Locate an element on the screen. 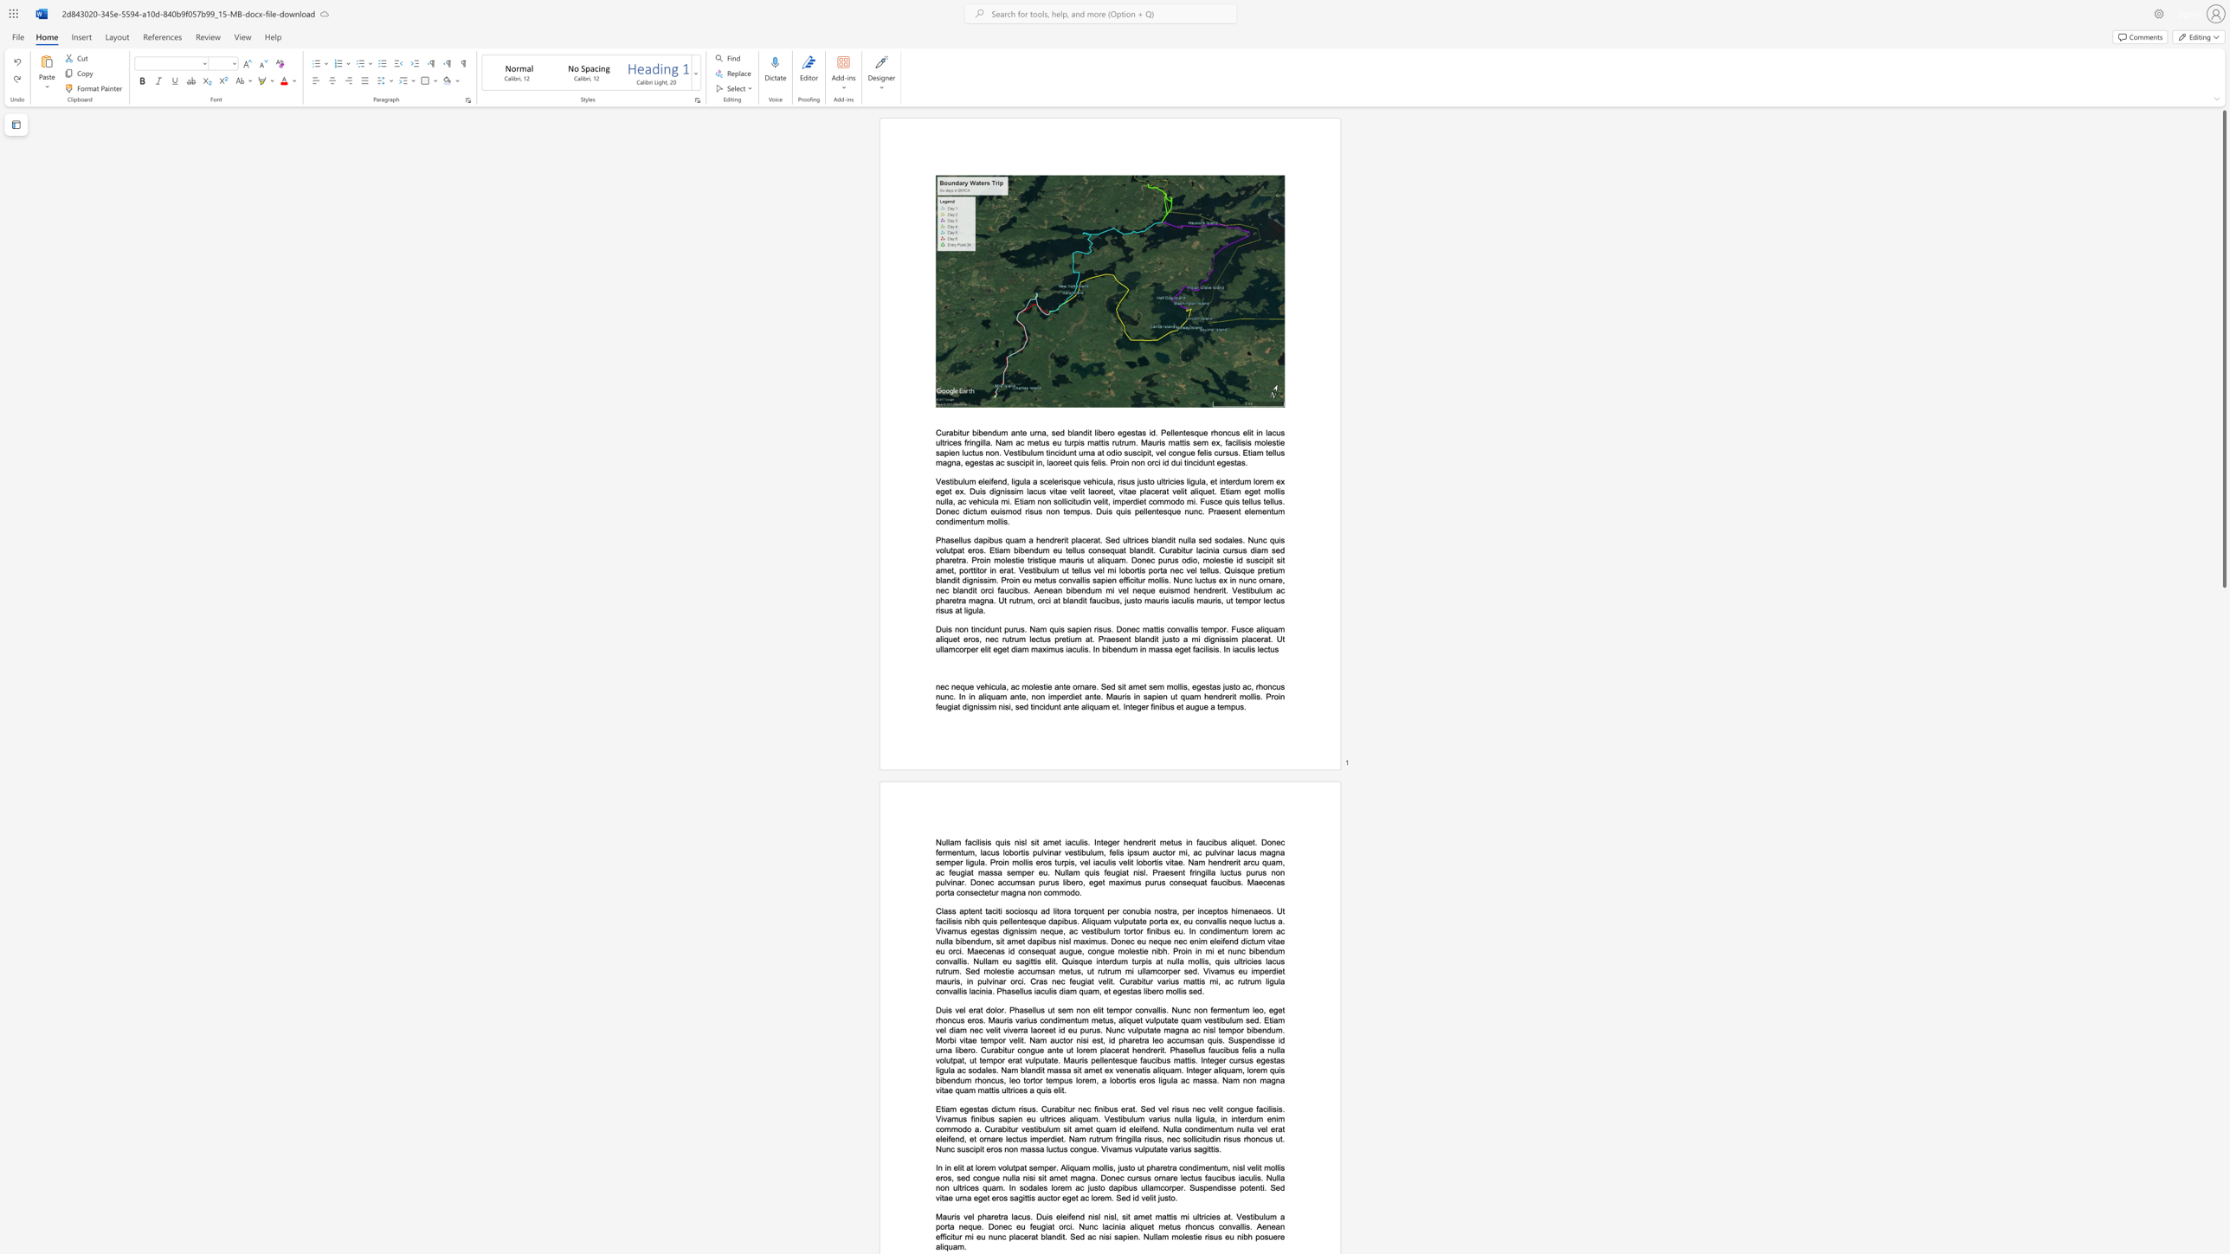  the subset text "ligula a scelerisque vehicula, risus justo ultricies ligula, et interdum lorem ex eget ex. Duis dignissim lacus vitae velit laoreet, vitae placerat" within the text "Vestibulum eleifend, ligula a scelerisque vehicula, risus justo ultricies ligula, et interdum lorem ex eget ex. Duis dignissim lacus vitae velit laoreet, vitae placerat velit aliquet. Etiam eget mollis nulla, ac vehicula mi. Etiam non sollicitudin velit, imperdiet commodo mi. Fusce quis tellus tellus. Donec dictum euismod risus non tempus. Duis quis pellentesque nunc. Praesent elementum condimentum mollis." is located at coordinates (1010, 480).